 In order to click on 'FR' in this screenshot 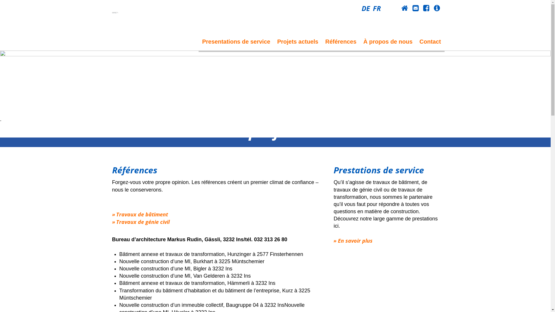, I will do `click(377, 8)`.